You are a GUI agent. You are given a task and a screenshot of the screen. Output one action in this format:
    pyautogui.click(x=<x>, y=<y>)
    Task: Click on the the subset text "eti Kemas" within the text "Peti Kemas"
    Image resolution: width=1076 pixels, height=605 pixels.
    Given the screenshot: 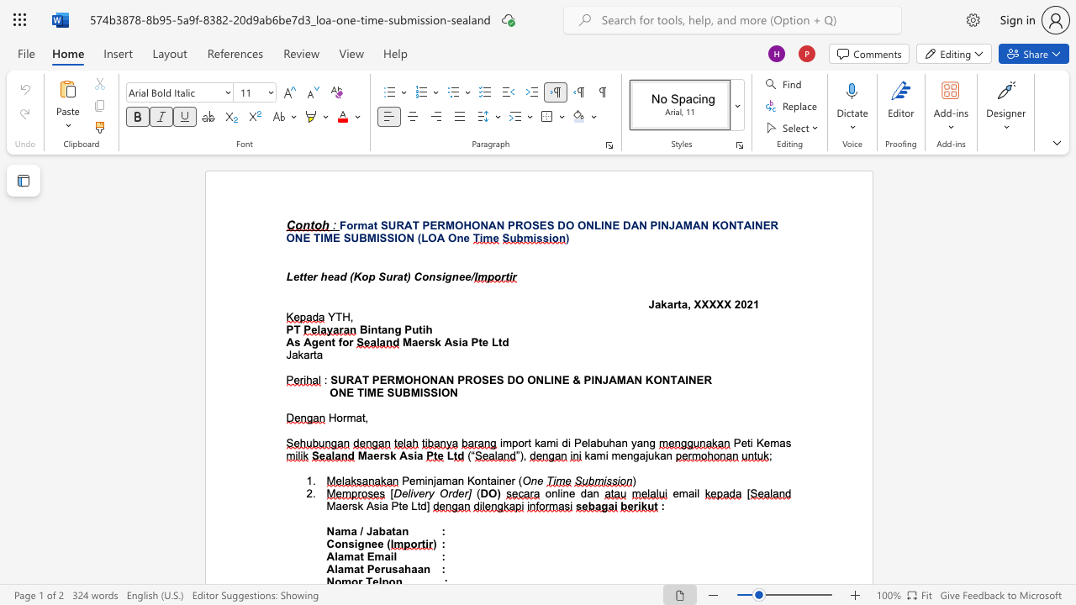 What is the action you would take?
    pyautogui.click(x=740, y=442)
    